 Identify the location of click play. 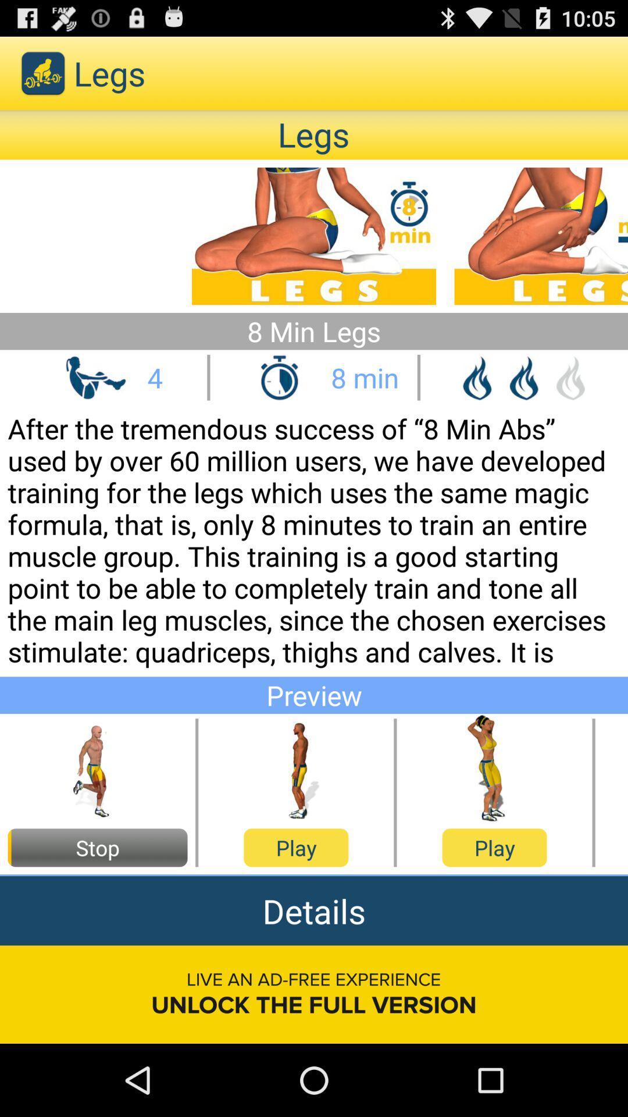
(295, 769).